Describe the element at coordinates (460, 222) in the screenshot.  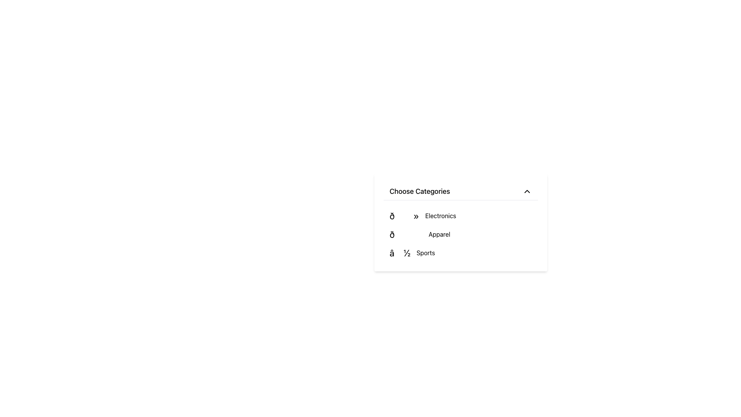
I see `the category name within the 'Choose Categories' dropdown menu to make a selection` at that location.